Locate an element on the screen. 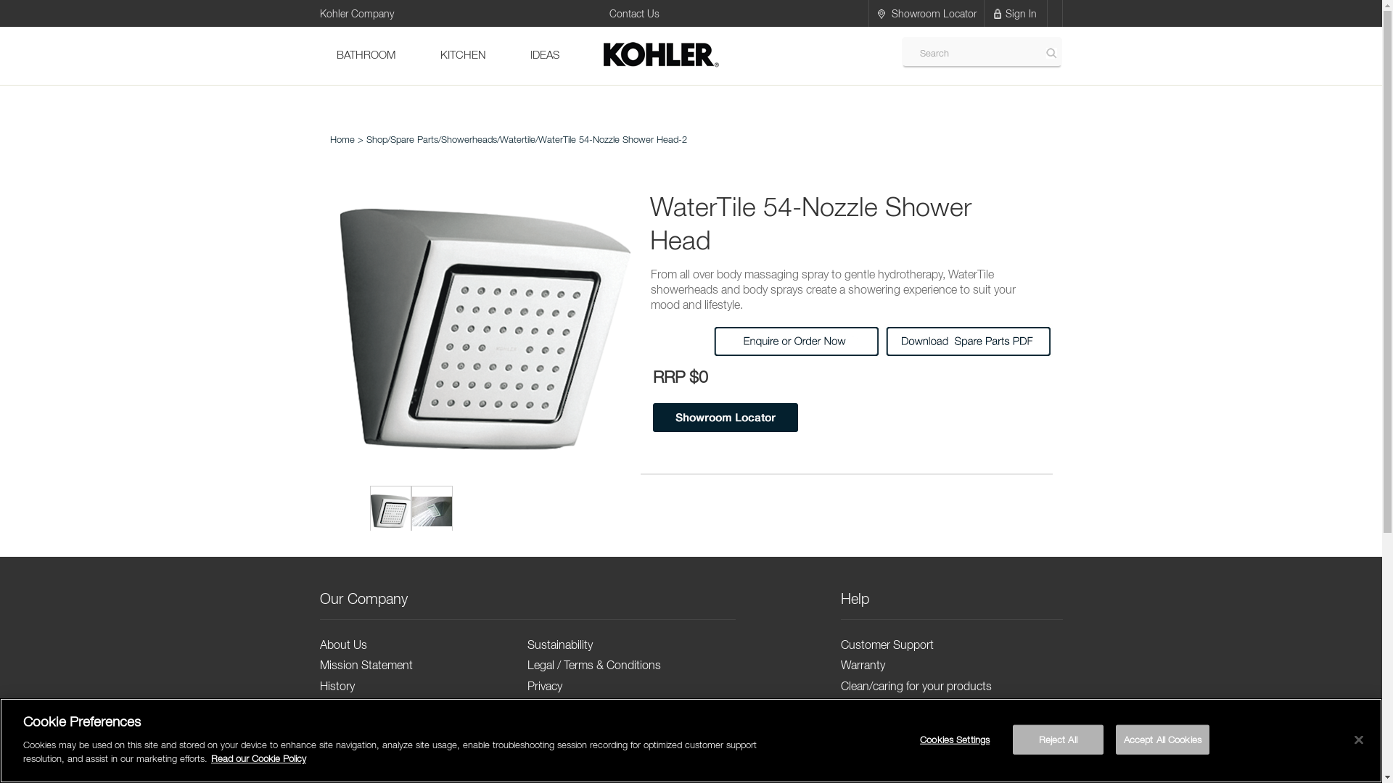 This screenshot has width=1393, height=783. 'Awards' is located at coordinates (337, 727).